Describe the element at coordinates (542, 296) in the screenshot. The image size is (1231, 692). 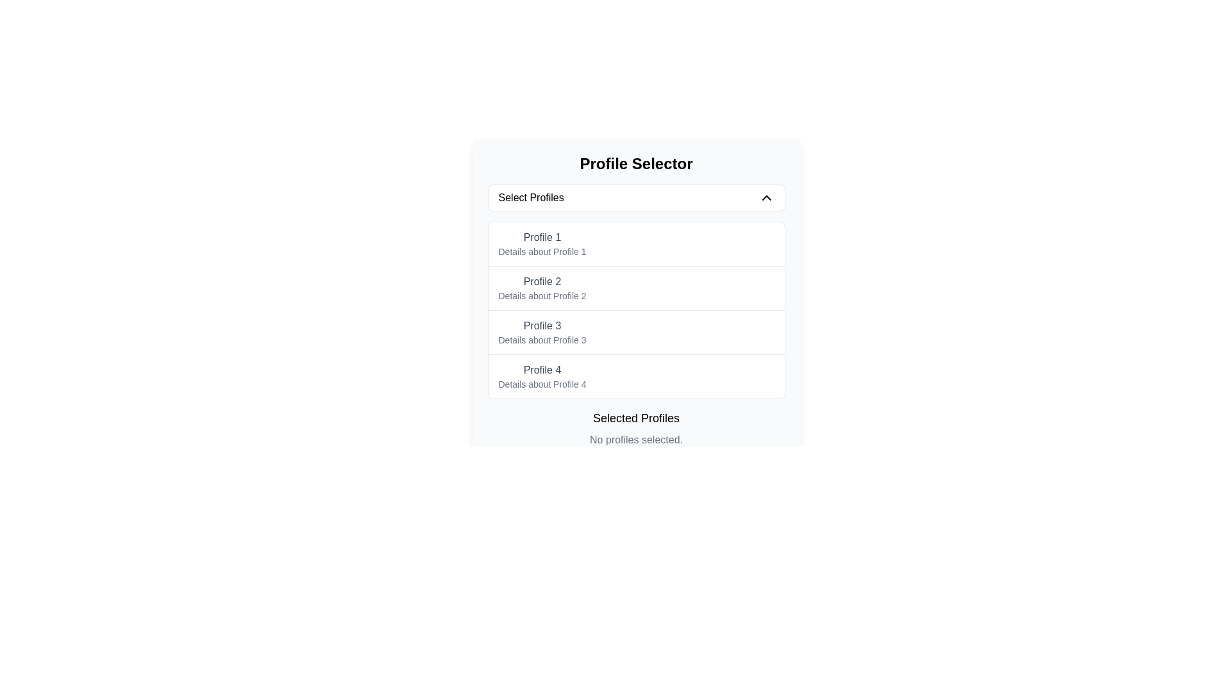
I see `the static text reading 'Details about Profile 2' located below 'Profile 2' in the 'Profile Selector' dropdown` at that location.